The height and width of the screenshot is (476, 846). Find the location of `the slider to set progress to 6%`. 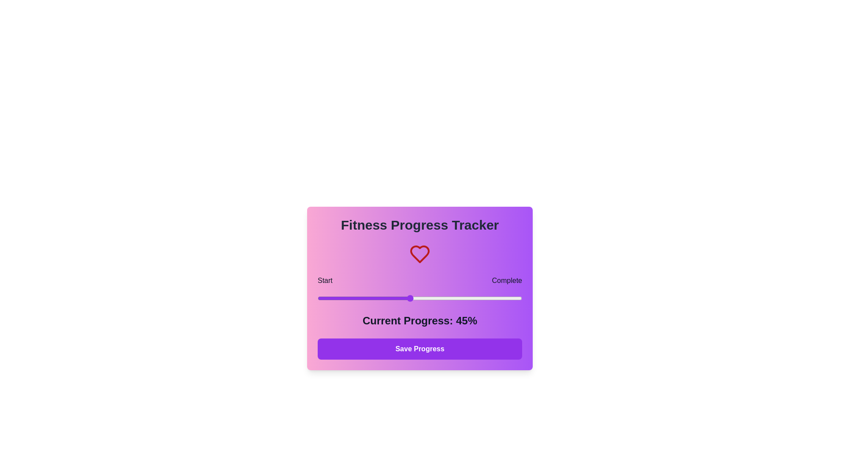

the slider to set progress to 6% is located at coordinates (329, 298).